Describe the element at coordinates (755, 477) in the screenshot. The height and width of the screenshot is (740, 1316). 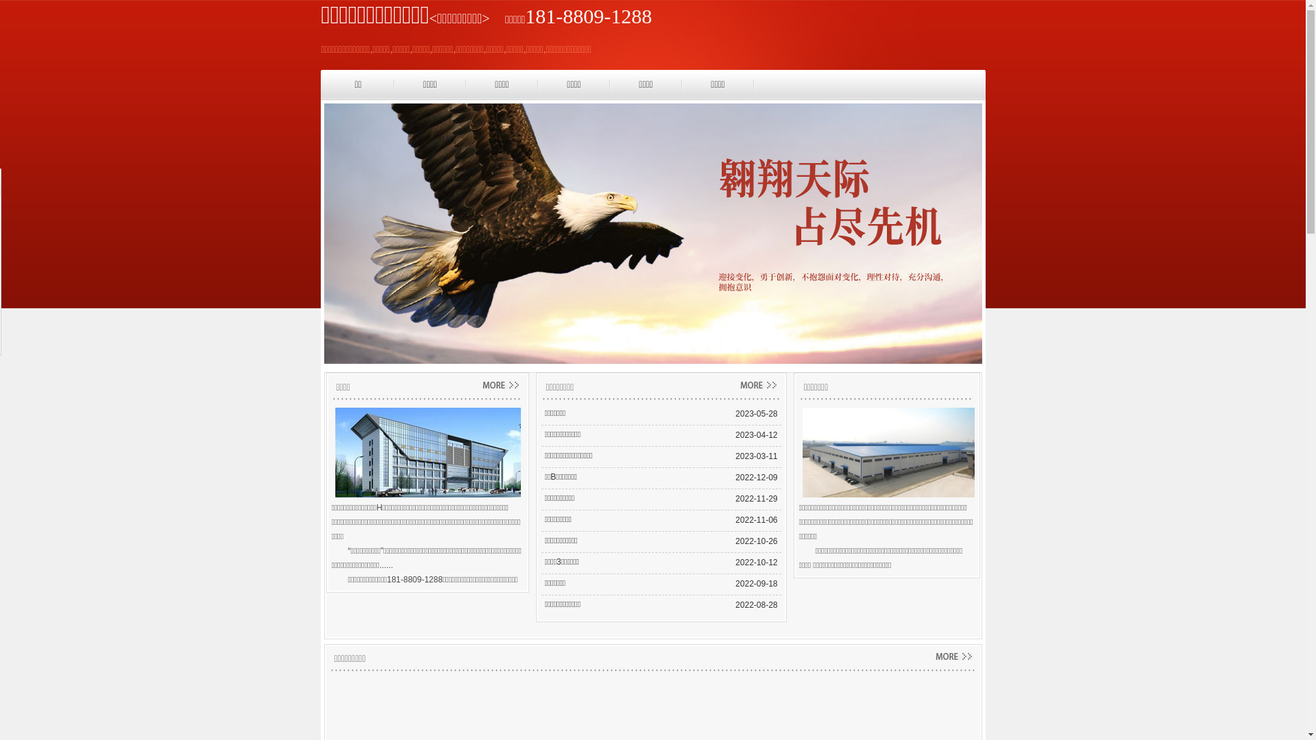
I see `'2022-12-09'` at that location.